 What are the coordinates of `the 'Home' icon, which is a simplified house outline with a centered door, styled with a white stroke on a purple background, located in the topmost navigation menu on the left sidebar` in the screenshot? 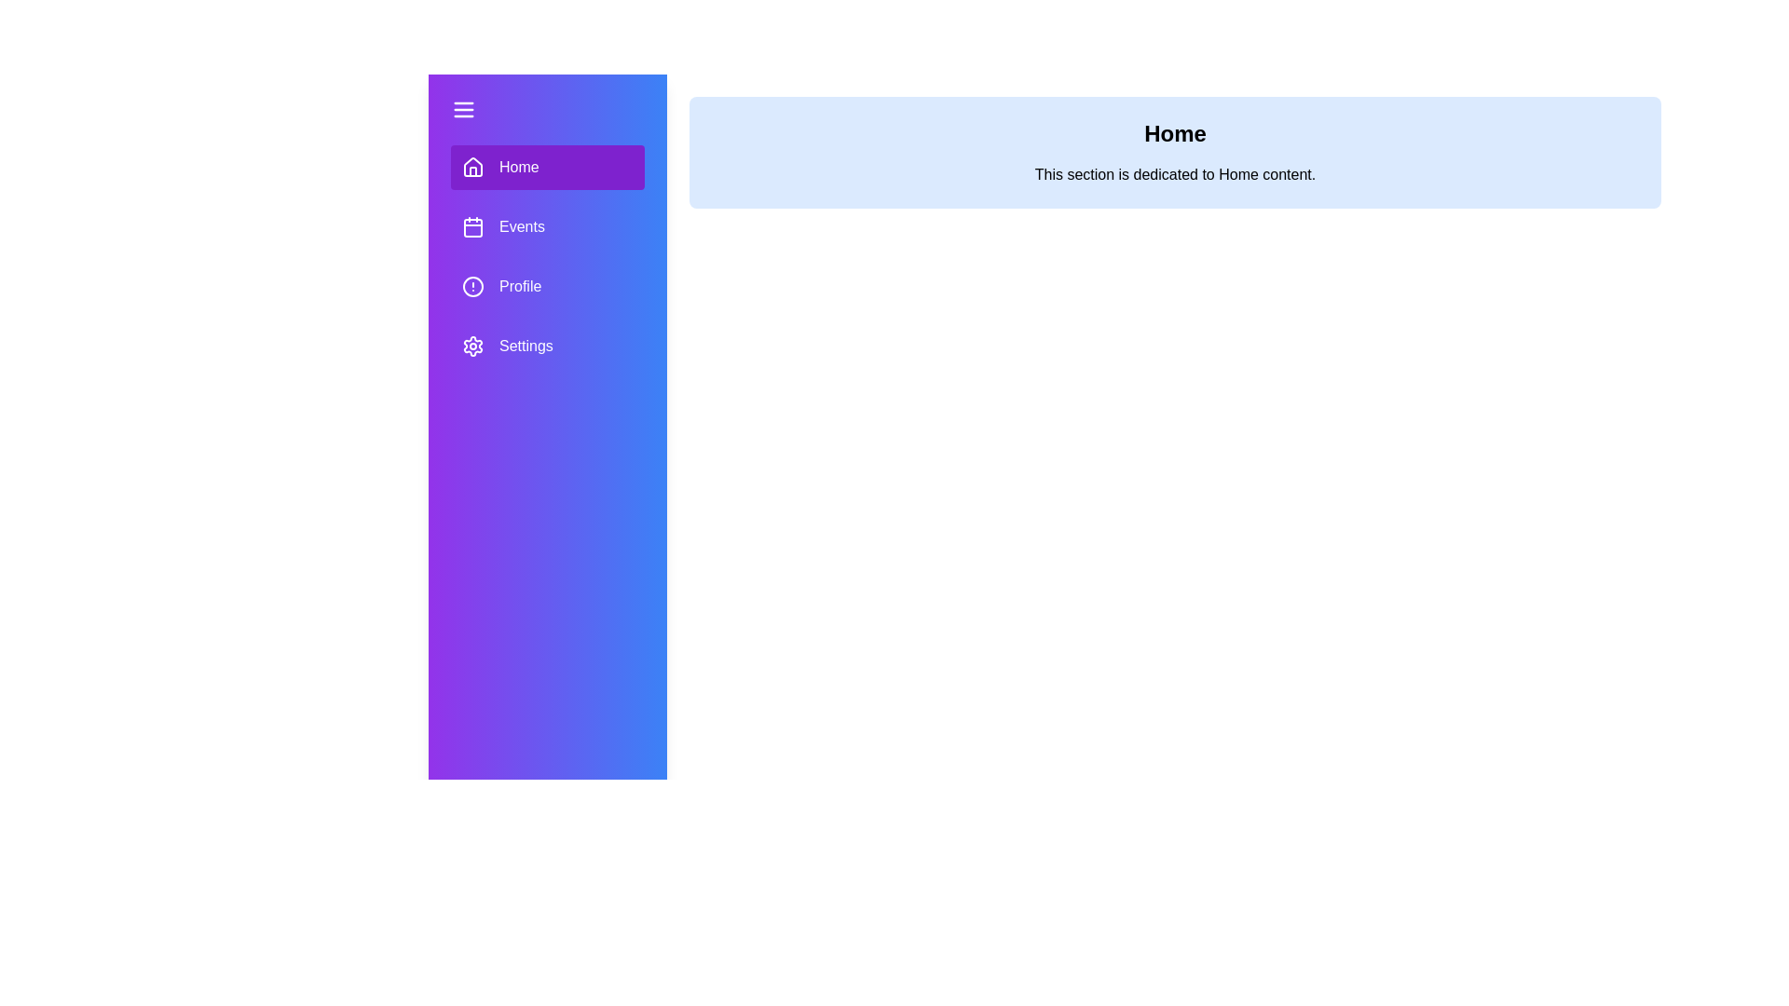 It's located at (473, 168).